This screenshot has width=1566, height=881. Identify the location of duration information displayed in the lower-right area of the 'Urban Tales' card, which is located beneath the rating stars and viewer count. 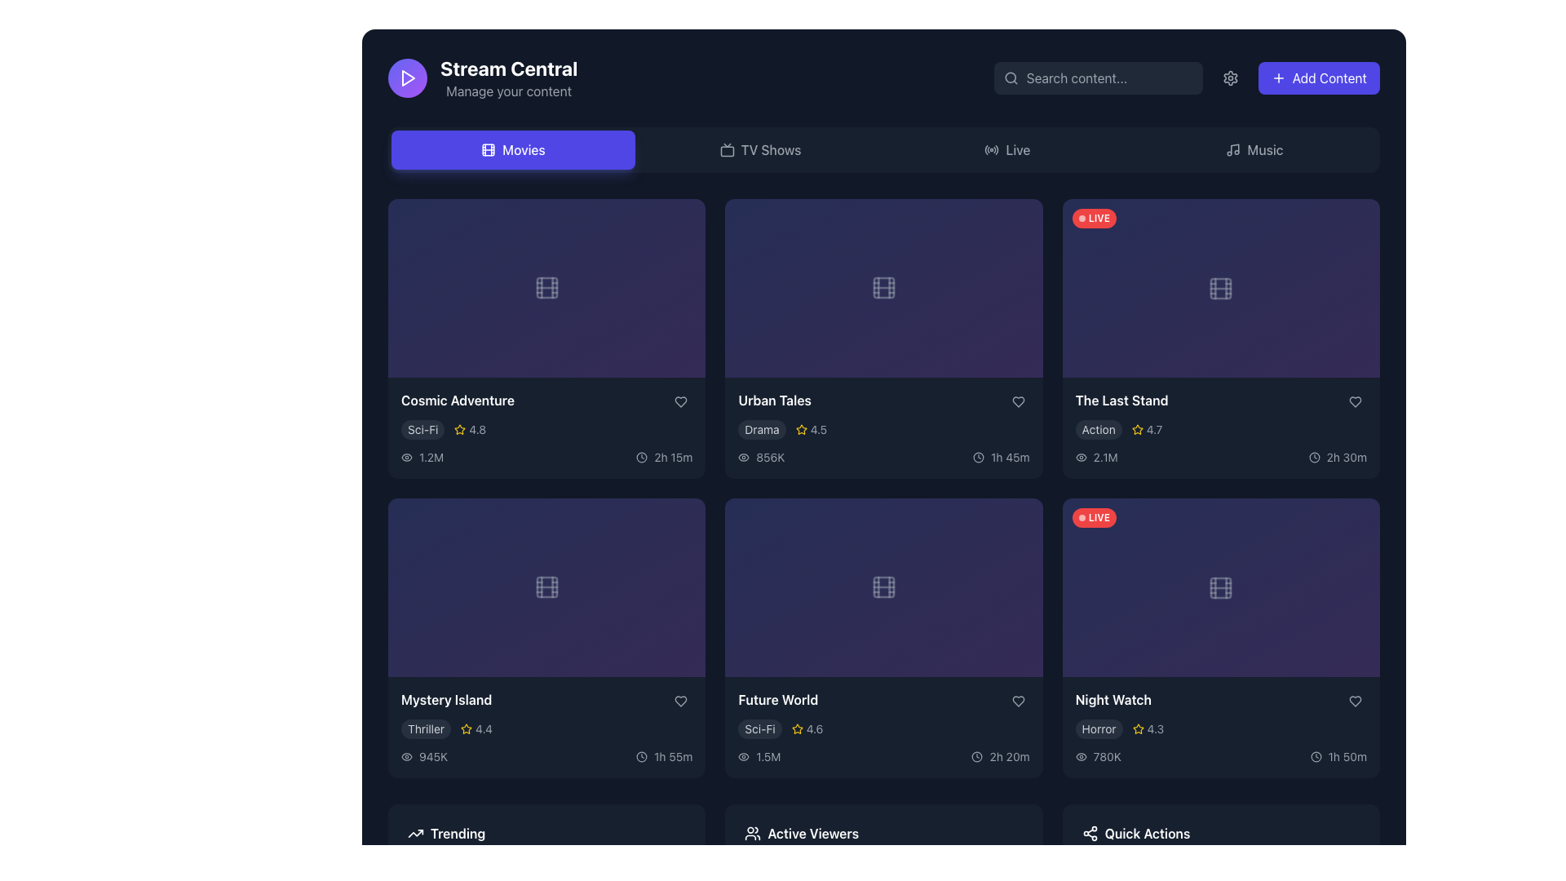
(1000, 457).